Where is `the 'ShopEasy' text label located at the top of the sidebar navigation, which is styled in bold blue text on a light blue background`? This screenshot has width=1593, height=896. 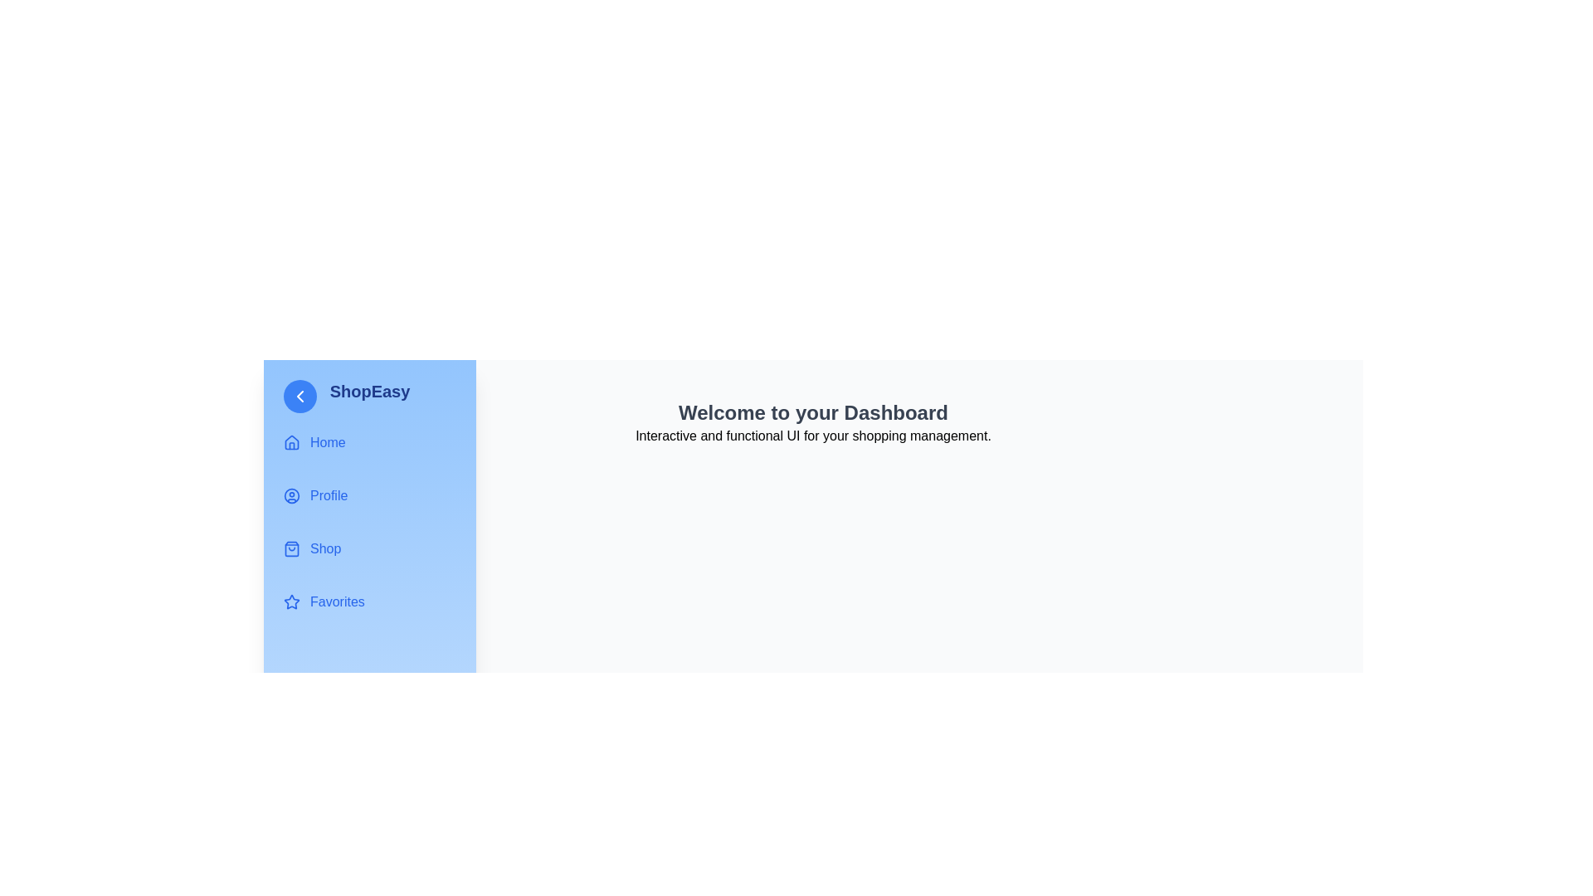
the 'ShopEasy' text label located at the top of the sidebar navigation, which is styled in bold blue text on a light blue background is located at coordinates (369, 391).